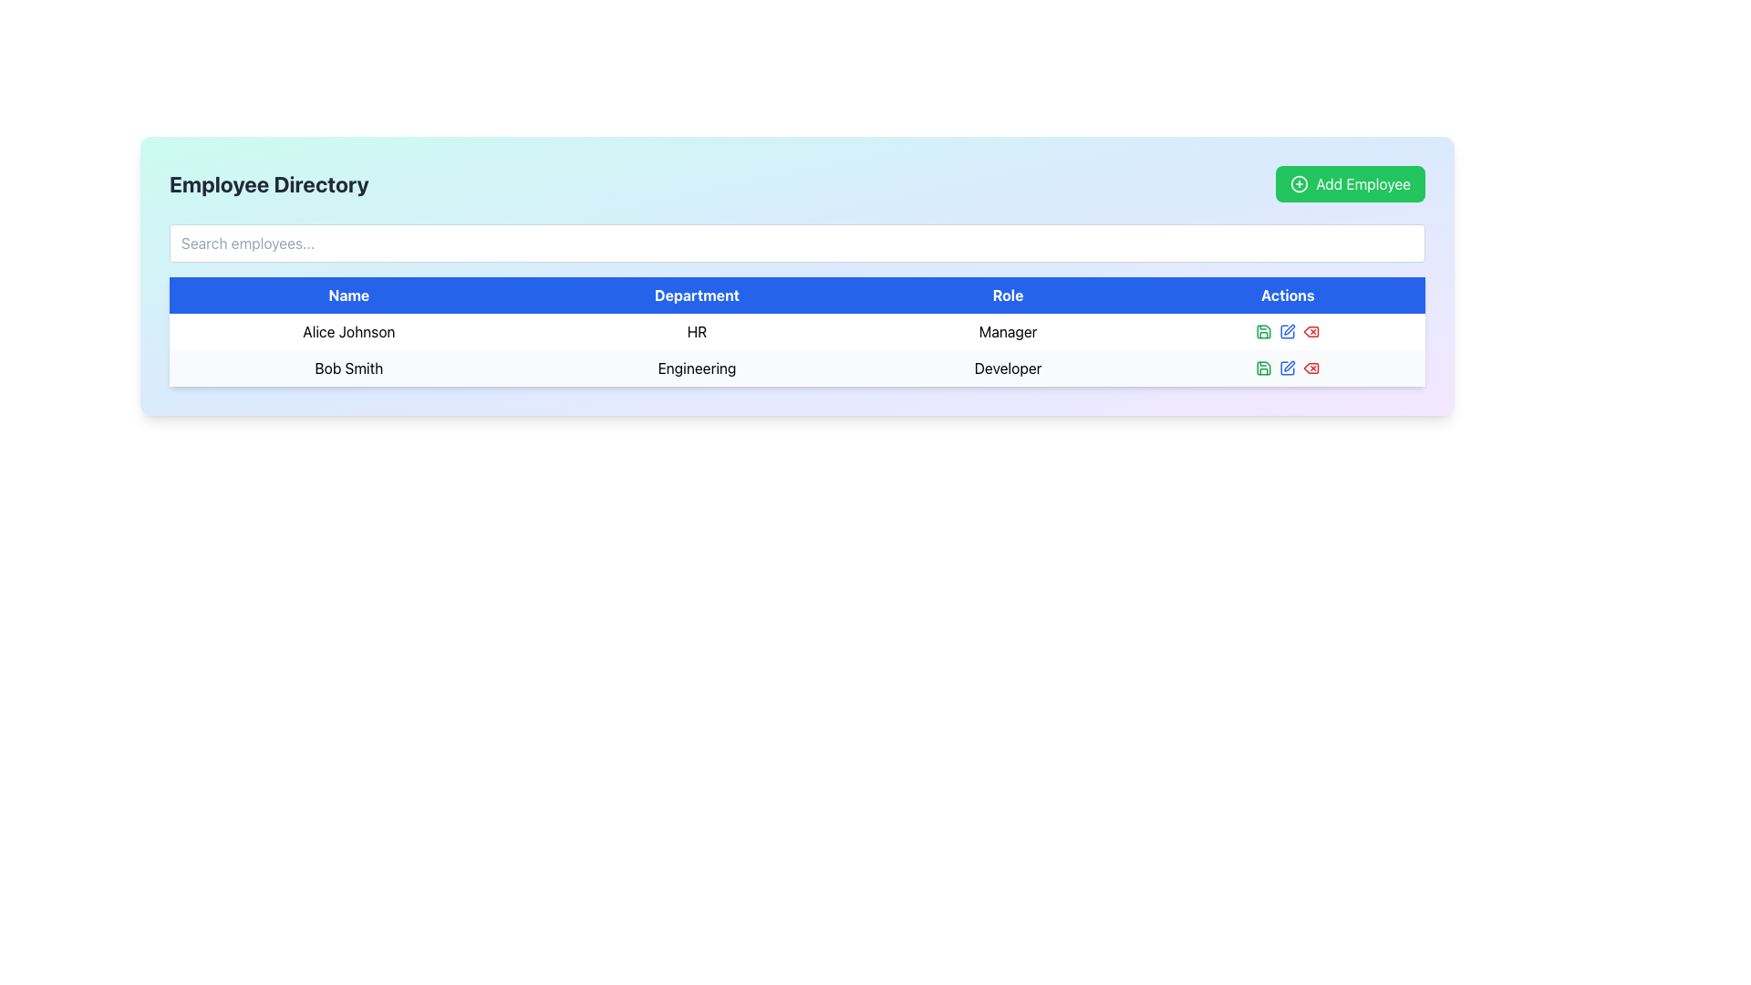  What do you see at coordinates (1263, 368) in the screenshot?
I see `the save icon with a green background located in the 'Actions' column of the table row for the employee 'Alice Johnson'` at bounding box center [1263, 368].